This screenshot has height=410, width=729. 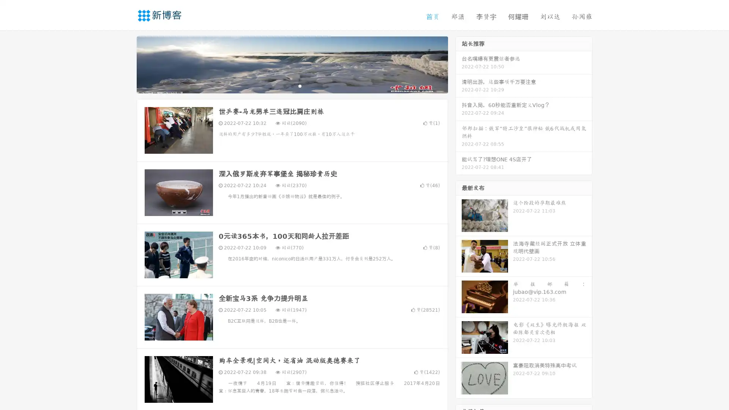 I want to click on Next slide, so click(x=459, y=64).